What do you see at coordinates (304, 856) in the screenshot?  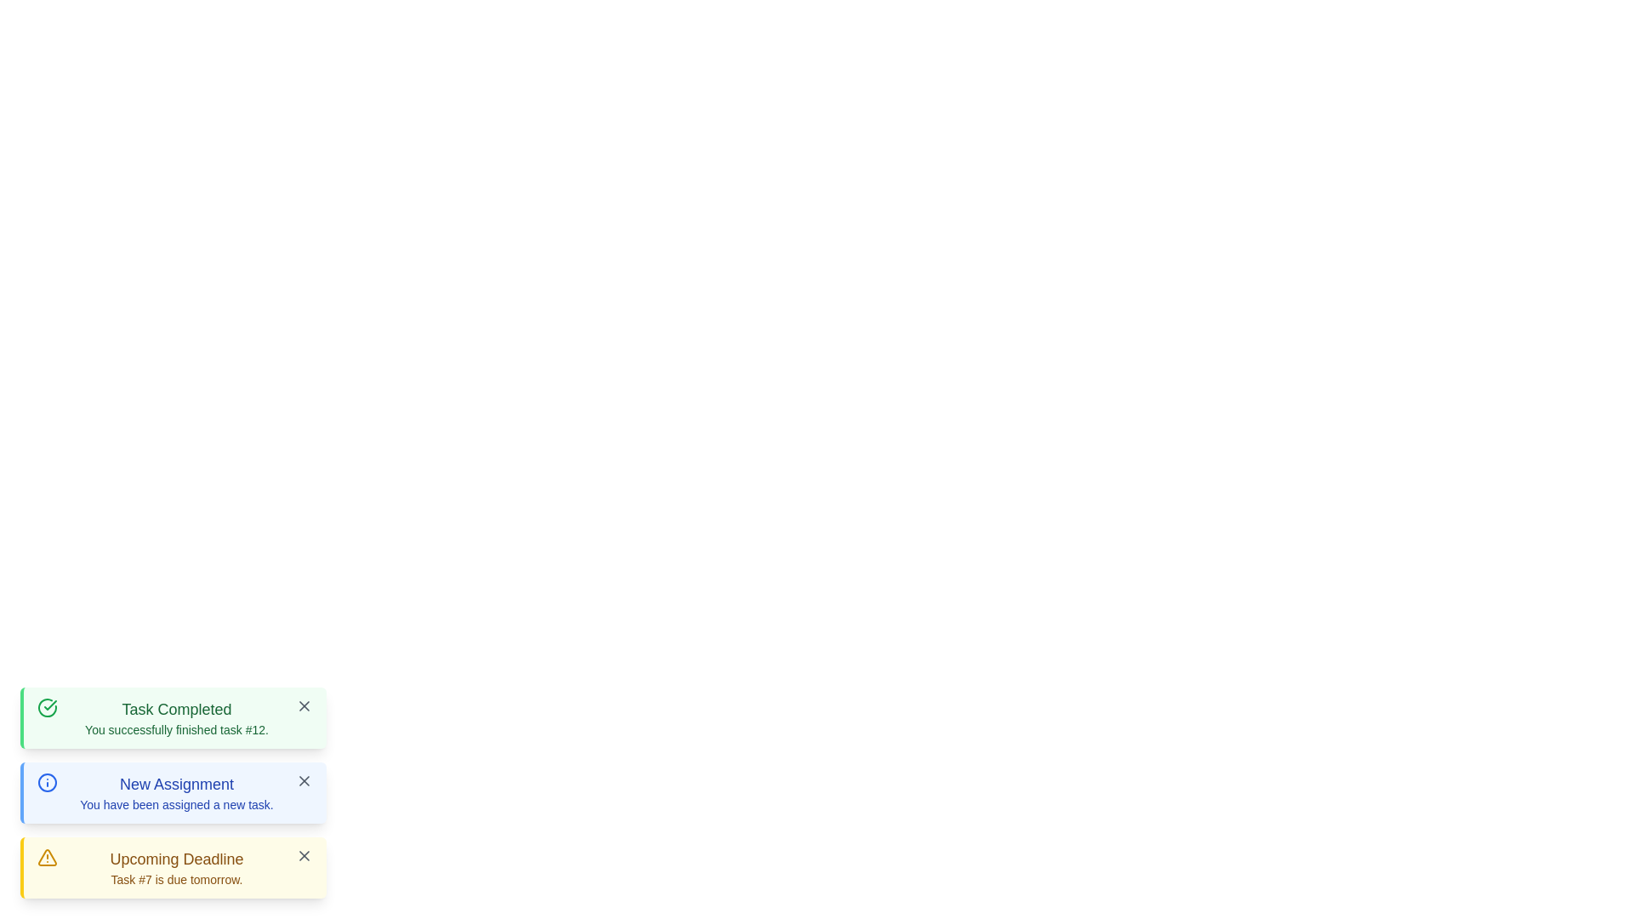 I see `the small square button with a dark gray 'X' icon in the top-right corner of the 'Upcoming Deadline' notification box` at bounding box center [304, 856].